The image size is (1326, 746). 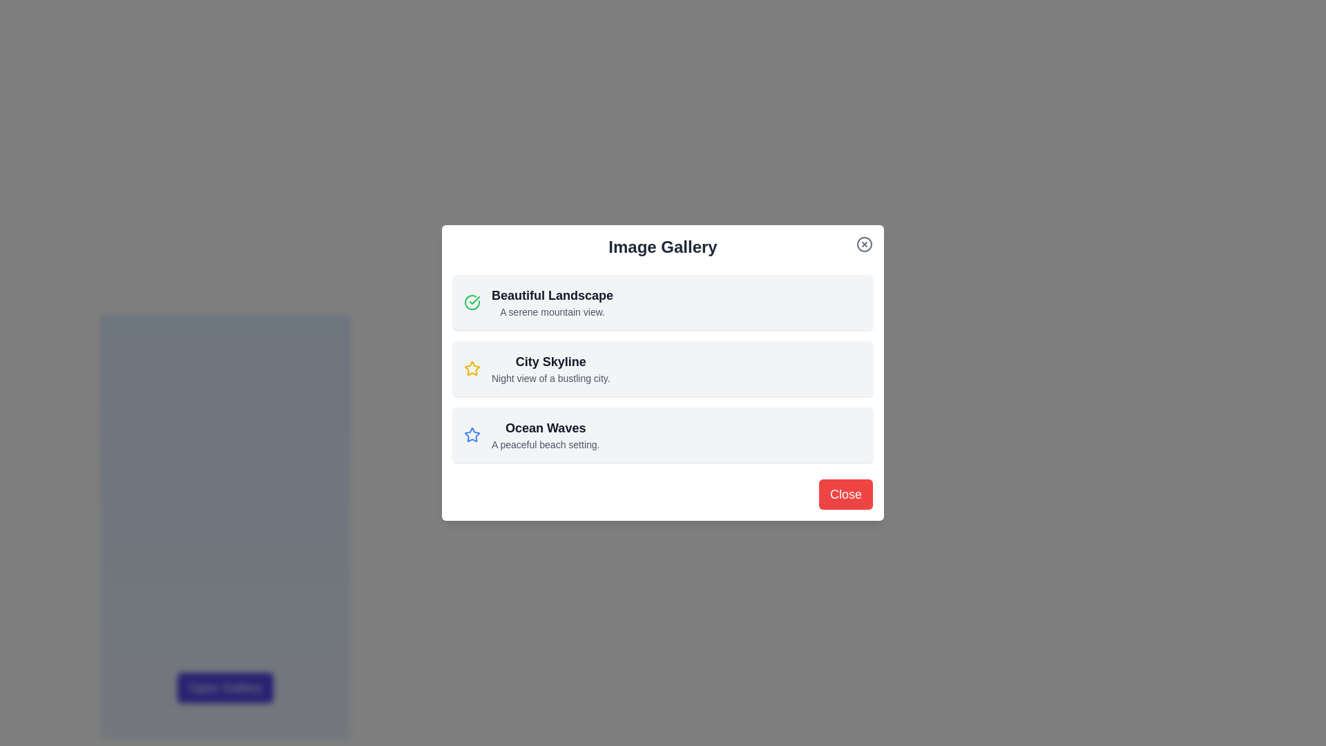 I want to click on the circular close button located in the top-right corner of the pop-up dialog box, so click(x=864, y=244).